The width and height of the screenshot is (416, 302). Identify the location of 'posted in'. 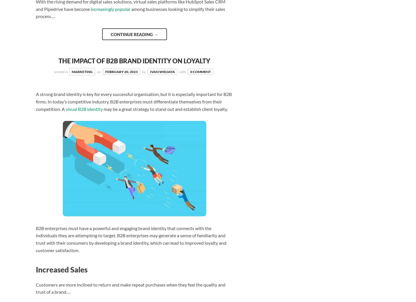
(61, 72).